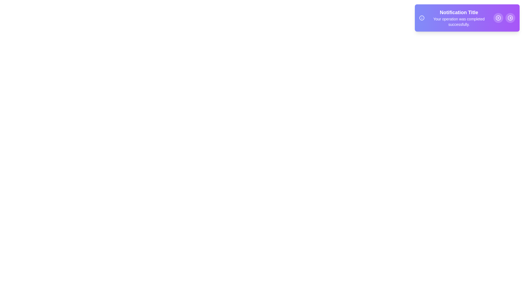 Image resolution: width=524 pixels, height=294 pixels. What do you see at coordinates (498, 17) in the screenshot?
I see `the close button in the notification to dismiss it` at bounding box center [498, 17].